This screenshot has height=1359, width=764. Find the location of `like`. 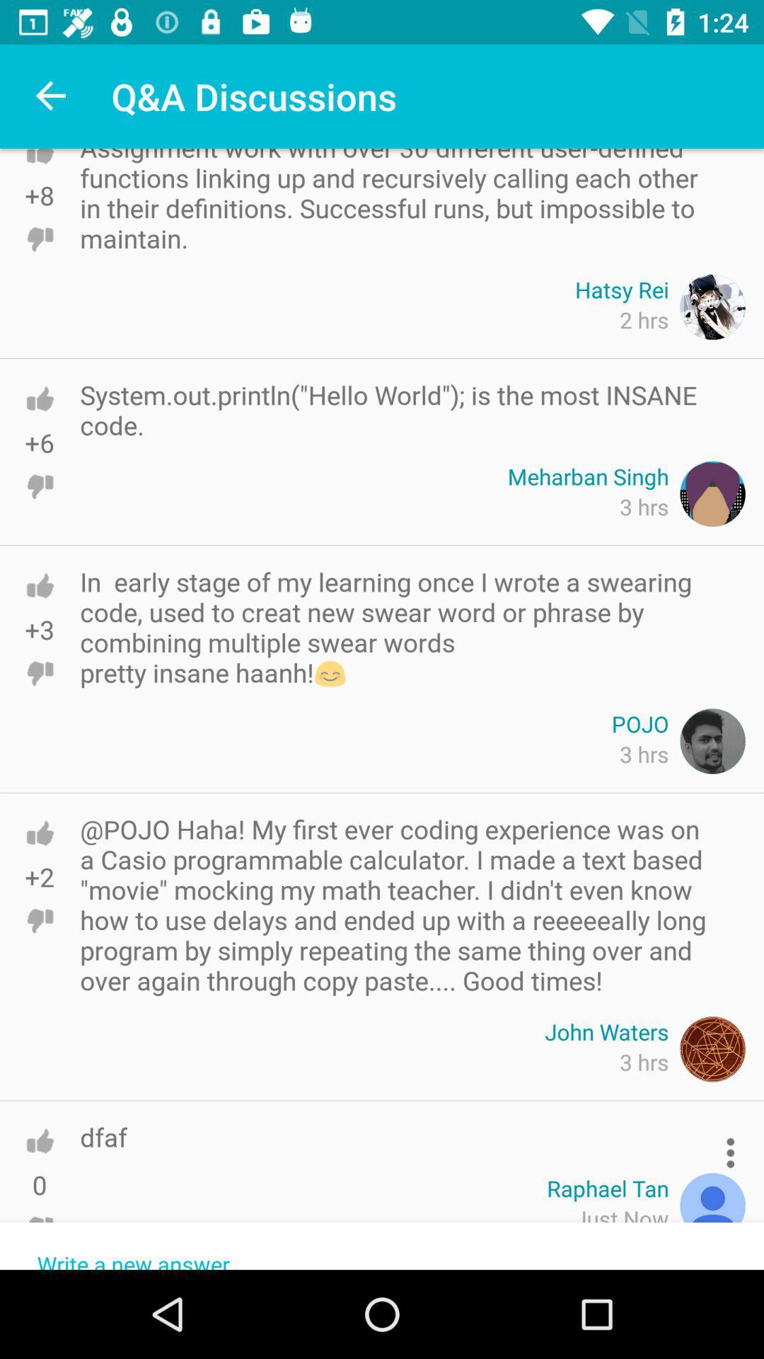

like is located at coordinates (39, 1141).